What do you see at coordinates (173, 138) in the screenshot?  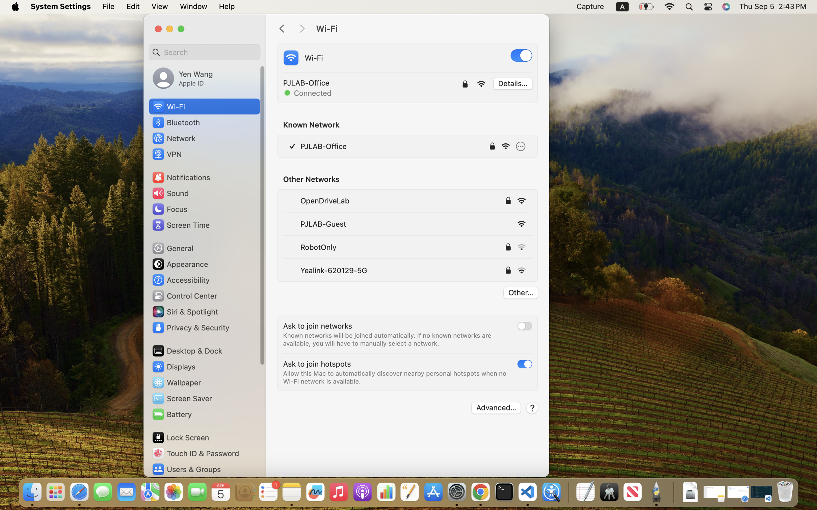 I see `'Network'` at bounding box center [173, 138].